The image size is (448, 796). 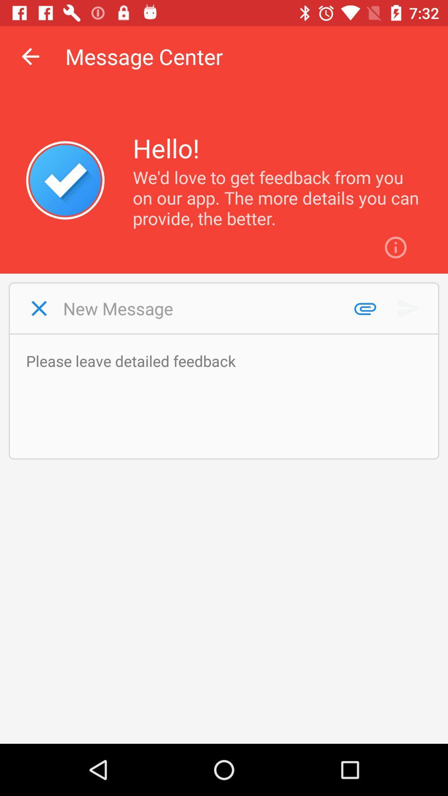 I want to click on leave feedback, so click(x=228, y=396).